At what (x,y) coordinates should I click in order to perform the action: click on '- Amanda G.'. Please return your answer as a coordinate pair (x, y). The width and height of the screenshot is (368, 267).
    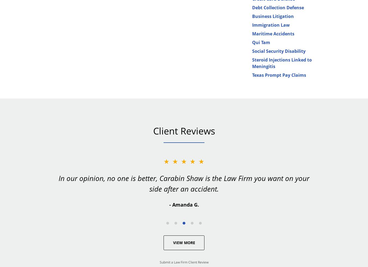
    Looking at the image, I should click on (184, 205).